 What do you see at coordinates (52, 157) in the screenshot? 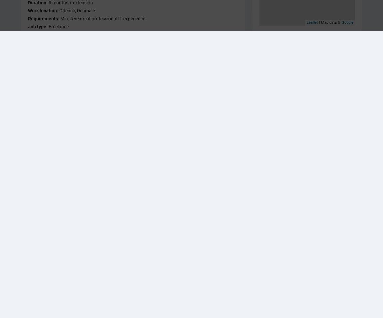
I see `'Er du klar til at freelance – få karriere-sparring i IDA'` at bounding box center [52, 157].